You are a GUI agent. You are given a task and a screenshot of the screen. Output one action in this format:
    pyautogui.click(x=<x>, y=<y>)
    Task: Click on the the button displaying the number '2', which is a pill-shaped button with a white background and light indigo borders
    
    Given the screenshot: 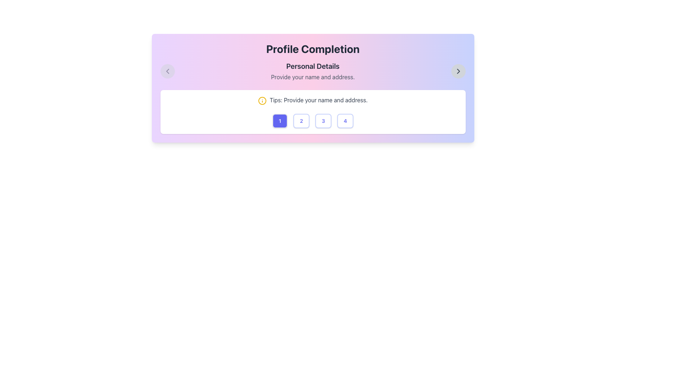 What is the action you would take?
    pyautogui.click(x=301, y=120)
    